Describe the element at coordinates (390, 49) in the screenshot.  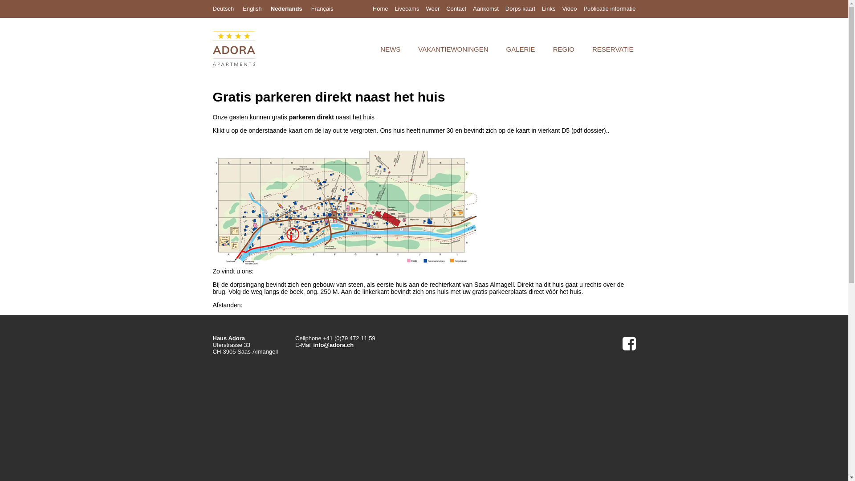
I see `'NEWS'` at that location.